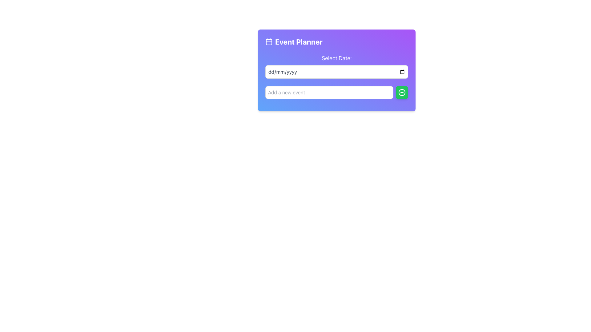 Image resolution: width=591 pixels, height=332 pixels. Describe the element at coordinates (402, 92) in the screenshot. I see `the circular icon button with a plus sign inside it, which is located on the right side of the input field labeled 'Add a new event' in the Event Planner interface` at that location.